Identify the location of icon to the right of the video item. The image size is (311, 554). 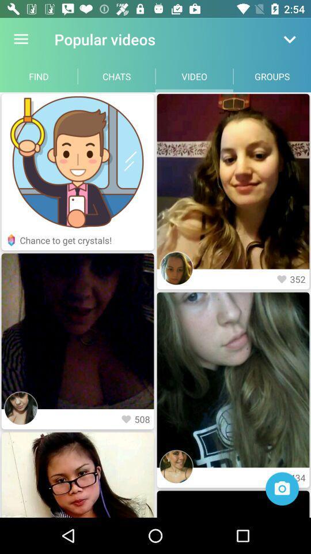
(272, 76).